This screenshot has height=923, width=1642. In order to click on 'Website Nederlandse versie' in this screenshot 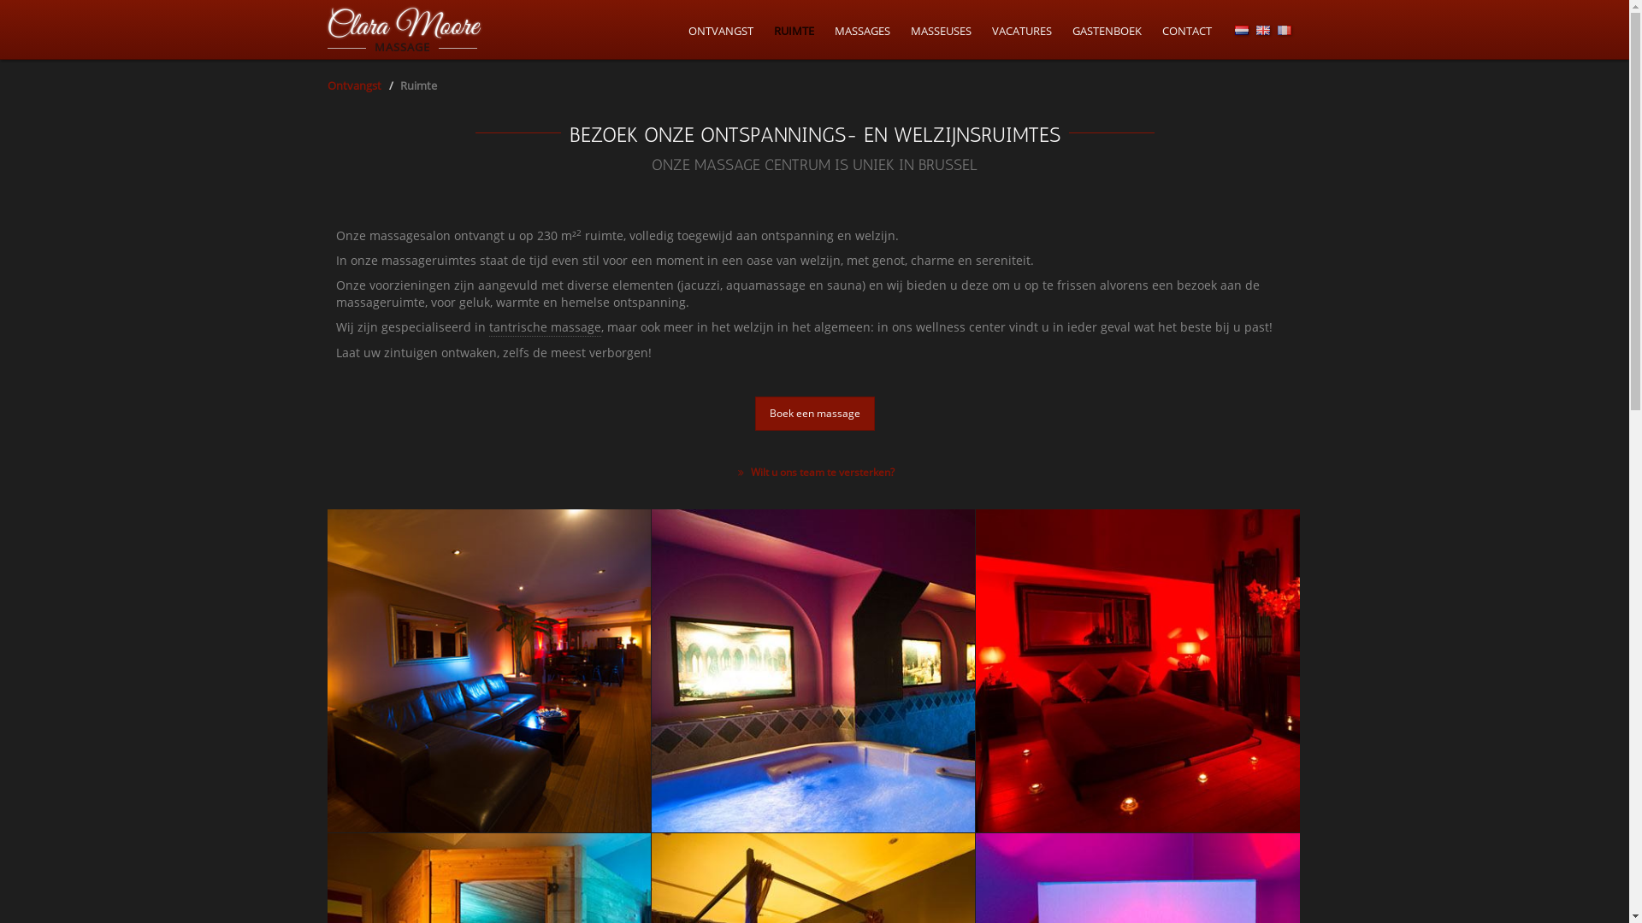, I will do `click(1241, 30)`.